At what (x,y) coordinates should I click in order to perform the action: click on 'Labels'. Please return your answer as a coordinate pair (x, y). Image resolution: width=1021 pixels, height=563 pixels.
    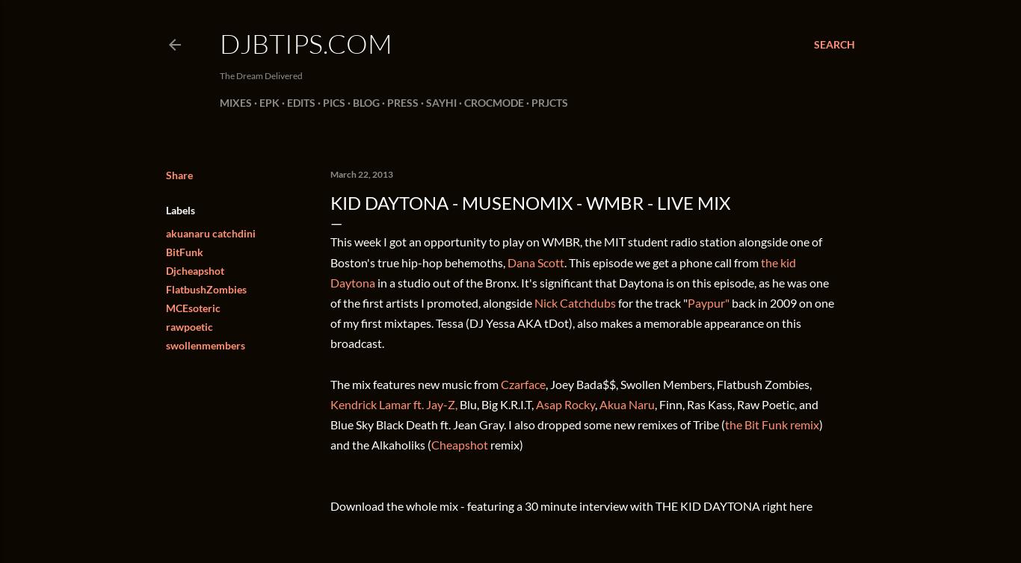
    Looking at the image, I should click on (180, 209).